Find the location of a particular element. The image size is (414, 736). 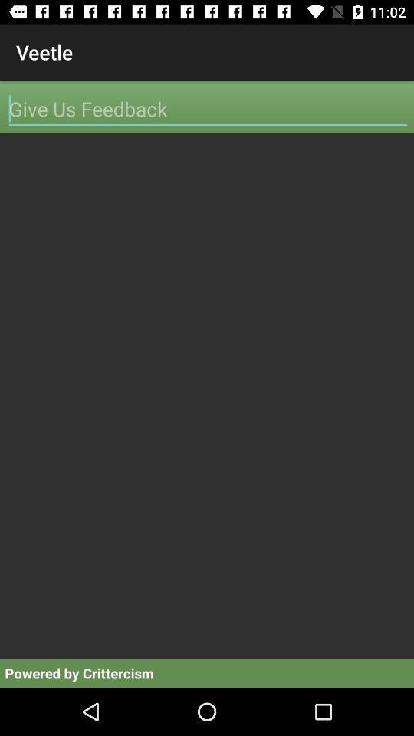

feedback text is located at coordinates (207, 108).